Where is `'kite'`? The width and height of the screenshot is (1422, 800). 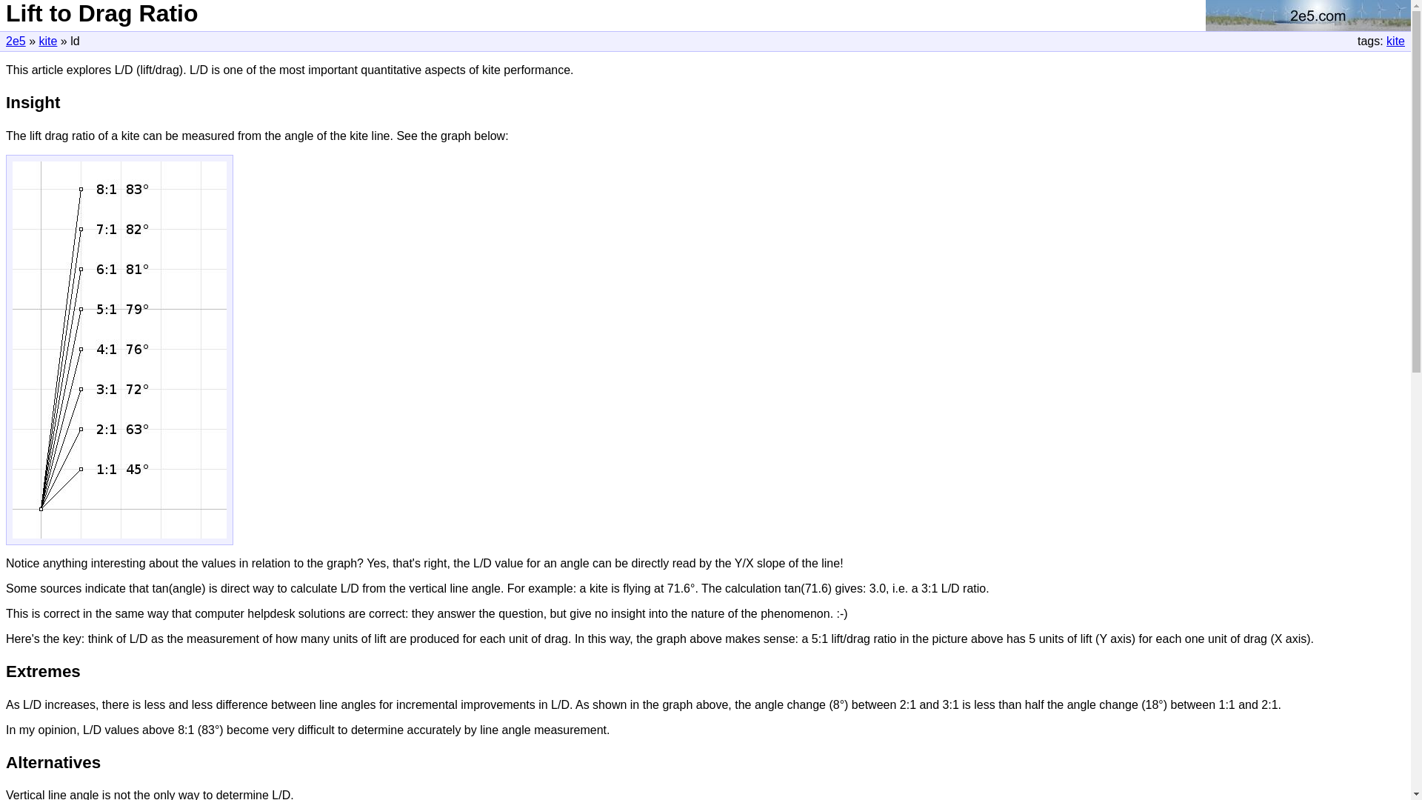
'kite' is located at coordinates (47, 40).